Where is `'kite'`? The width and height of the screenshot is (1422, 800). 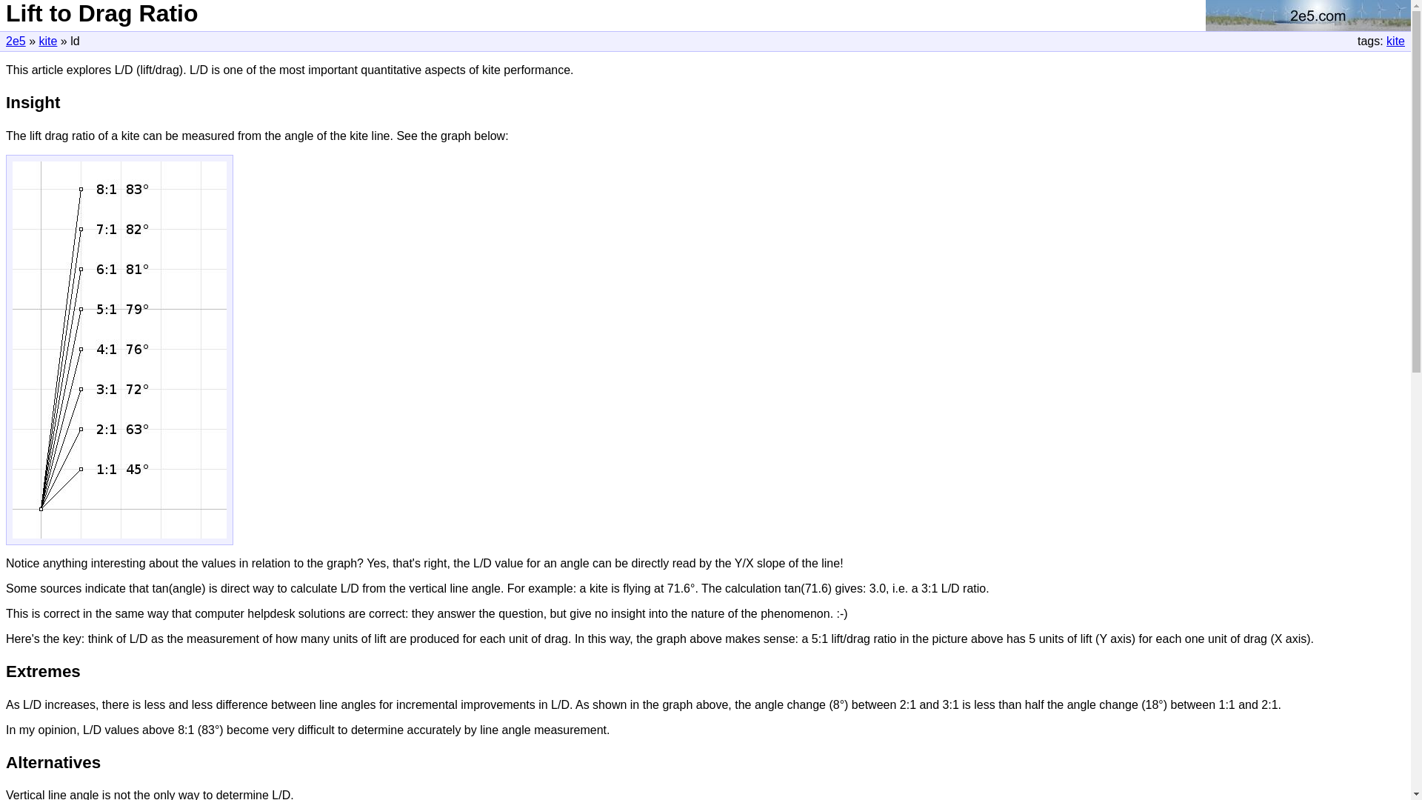
'kite' is located at coordinates (47, 40).